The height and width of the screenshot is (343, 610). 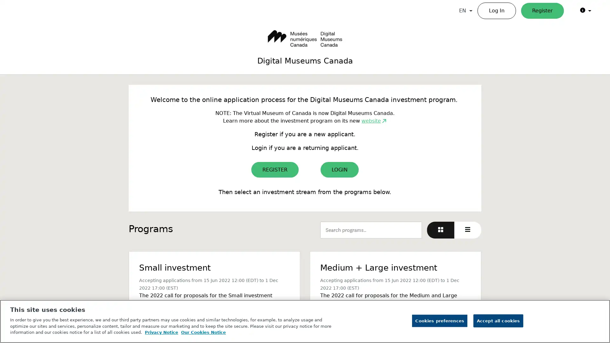 I want to click on Toggle list view, so click(x=468, y=230).